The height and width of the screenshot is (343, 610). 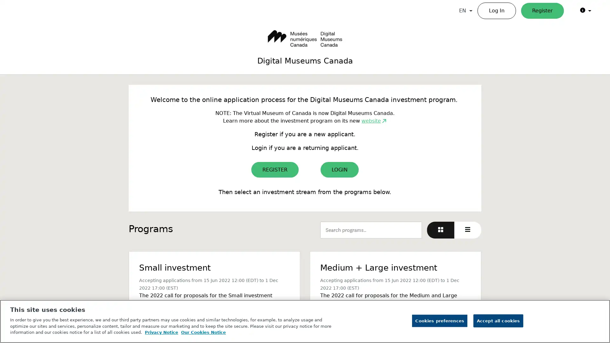 I want to click on Toggle list view, so click(x=468, y=230).